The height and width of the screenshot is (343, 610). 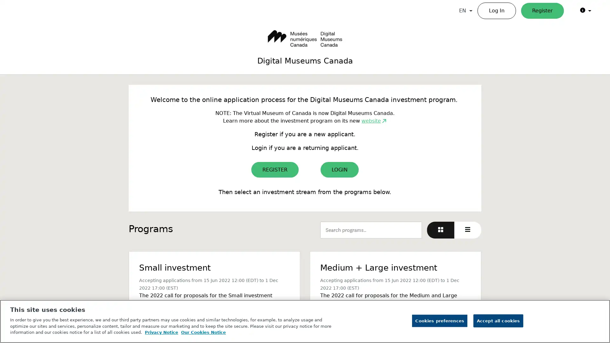 I want to click on Toggle list view, so click(x=468, y=230).